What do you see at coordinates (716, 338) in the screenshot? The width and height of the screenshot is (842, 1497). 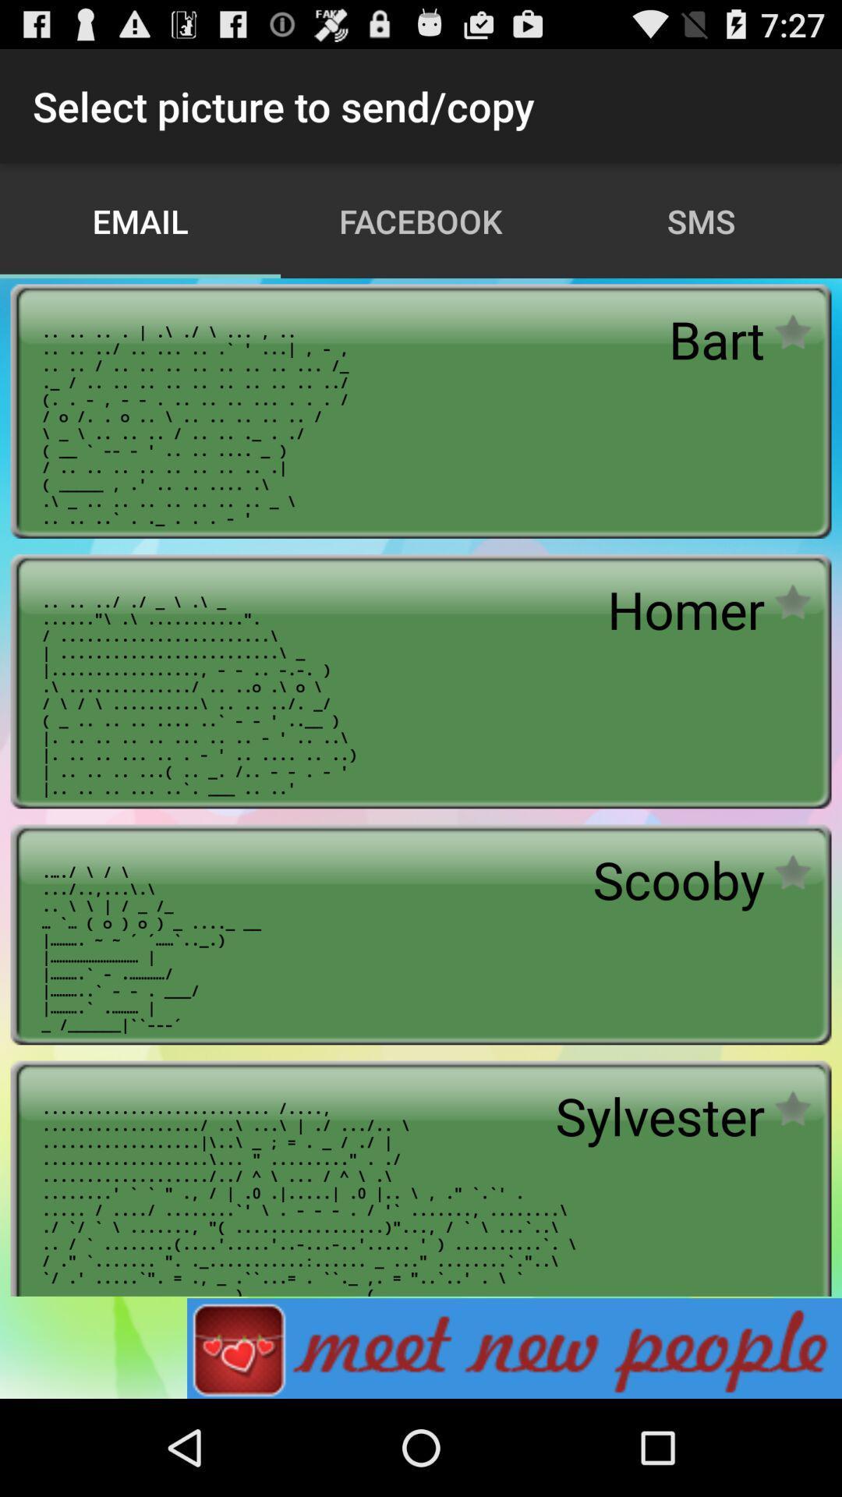 I see `bart app` at bounding box center [716, 338].